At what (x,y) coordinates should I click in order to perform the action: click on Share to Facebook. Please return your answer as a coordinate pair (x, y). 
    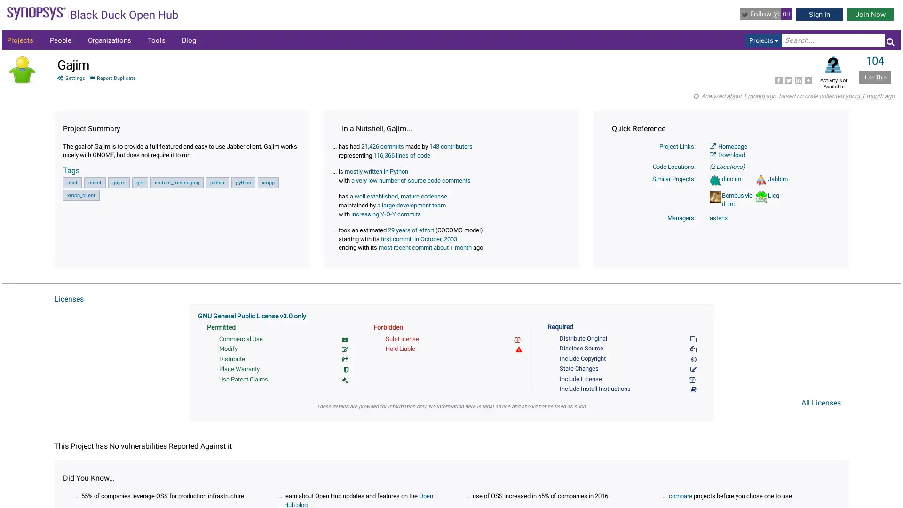
    Looking at the image, I should click on (778, 79).